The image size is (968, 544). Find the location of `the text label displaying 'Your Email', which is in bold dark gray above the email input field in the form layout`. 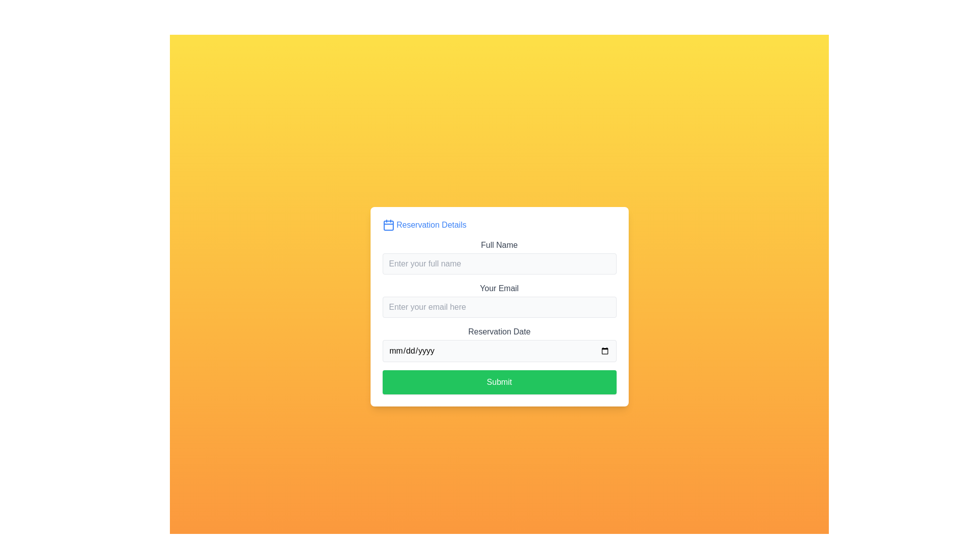

the text label displaying 'Your Email', which is in bold dark gray above the email input field in the form layout is located at coordinates (499, 289).